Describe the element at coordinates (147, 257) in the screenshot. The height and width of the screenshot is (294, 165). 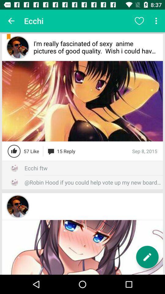
I see `the item at the bottom right corner` at that location.